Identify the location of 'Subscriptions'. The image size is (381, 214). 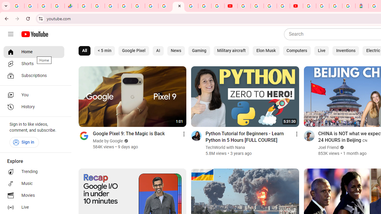
(33, 75).